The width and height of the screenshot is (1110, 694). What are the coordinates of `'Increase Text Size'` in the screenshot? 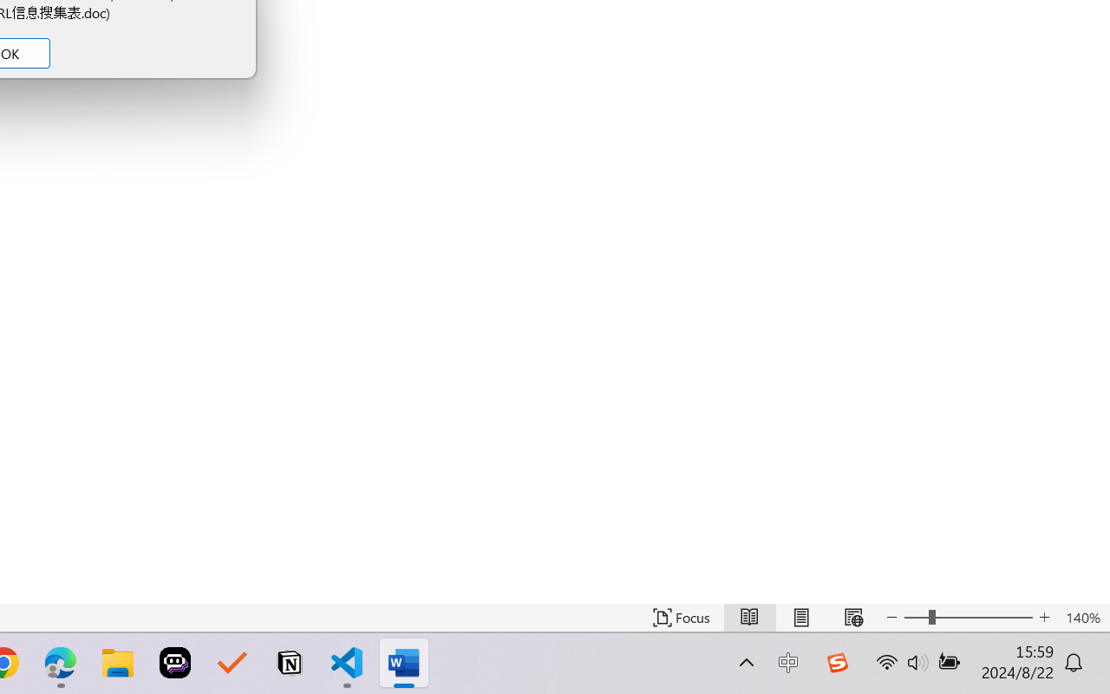 It's located at (1044, 617).